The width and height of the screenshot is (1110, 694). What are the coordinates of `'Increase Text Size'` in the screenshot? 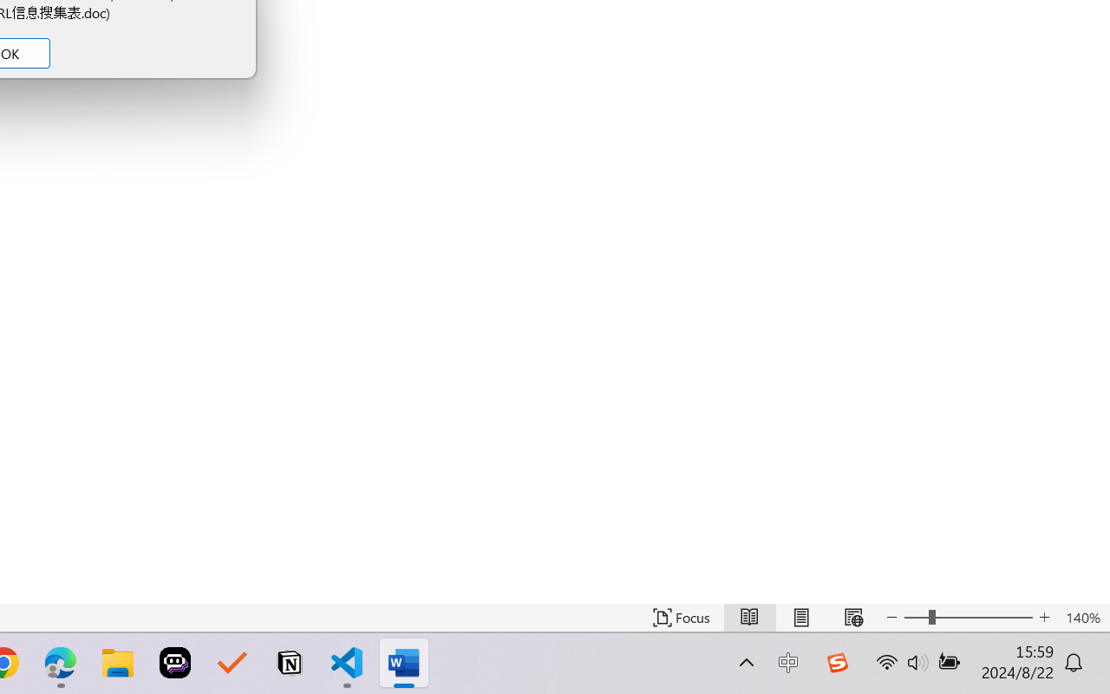 It's located at (1044, 617).